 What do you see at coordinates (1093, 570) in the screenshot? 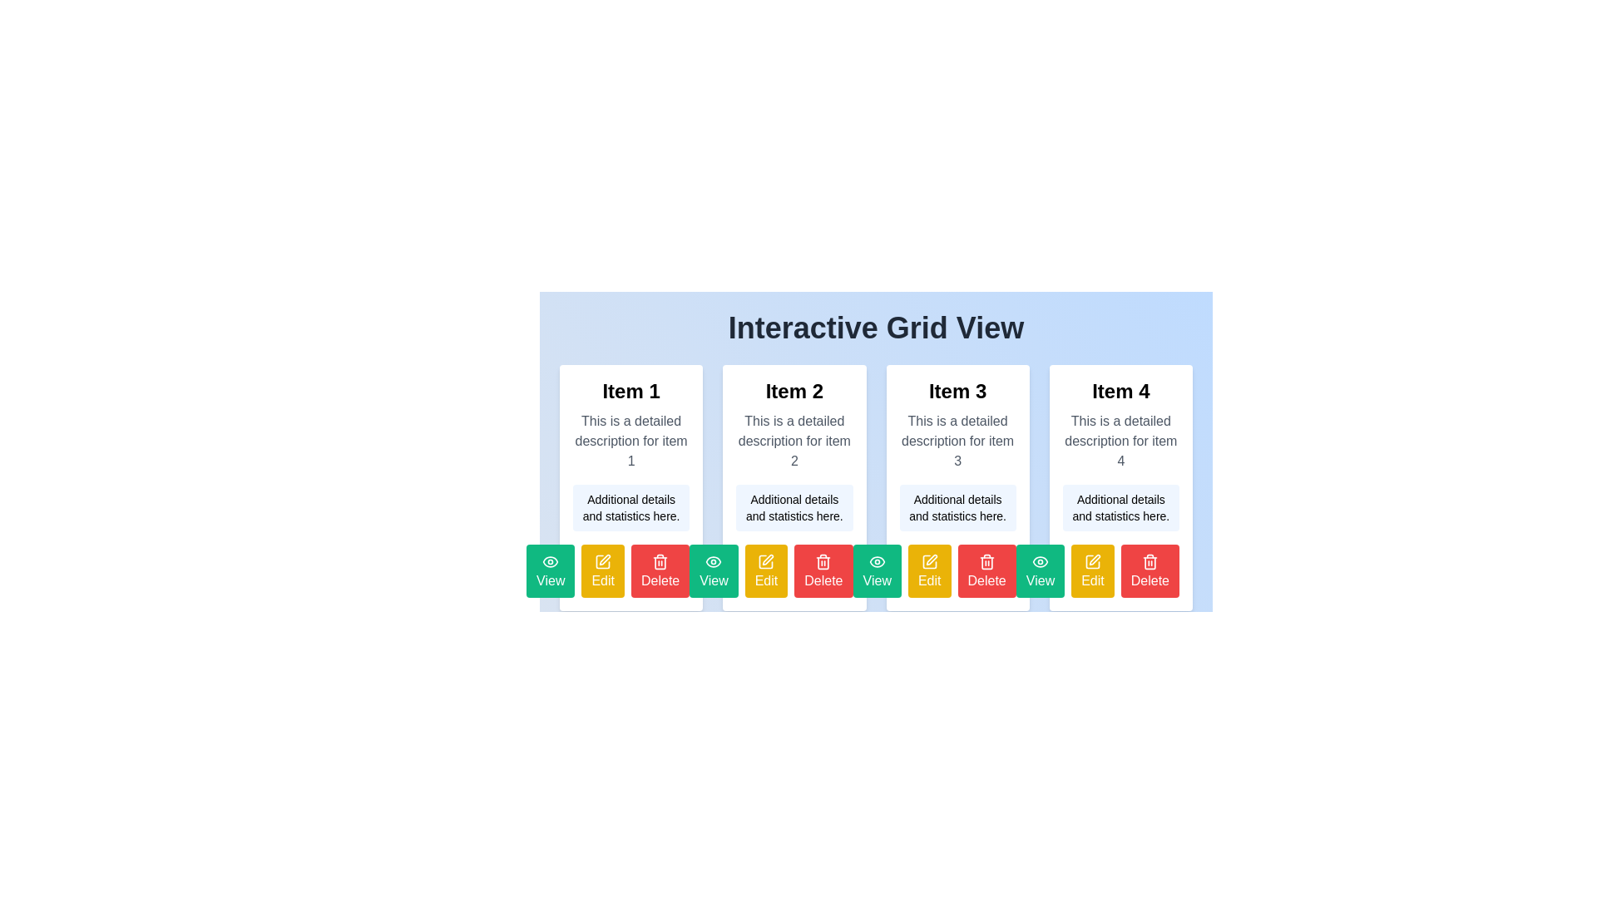
I see `the 'Edit' button with a yellow background and white text, which is the middle button among 'View', 'Edit', and 'Delete' buttons at the bottom of the card for 'Item 4'` at bounding box center [1093, 570].